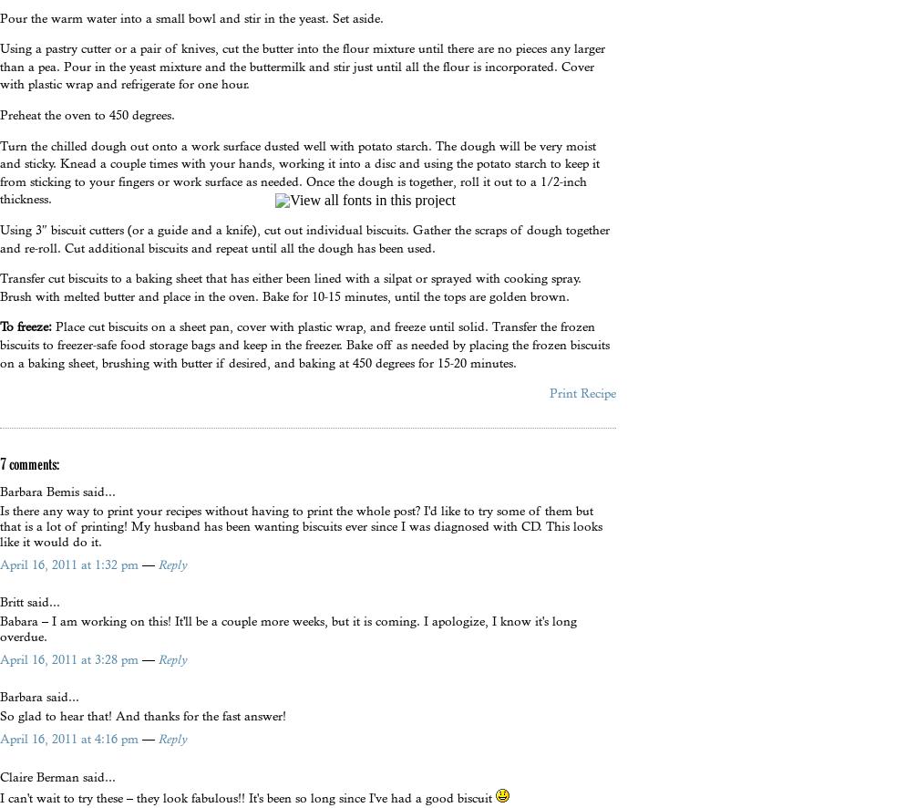 Image resolution: width=916 pixels, height=808 pixels. What do you see at coordinates (0, 714) in the screenshot?
I see `'So glad to hear that!  And thanks for the fast answer!'` at bounding box center [0, 714].